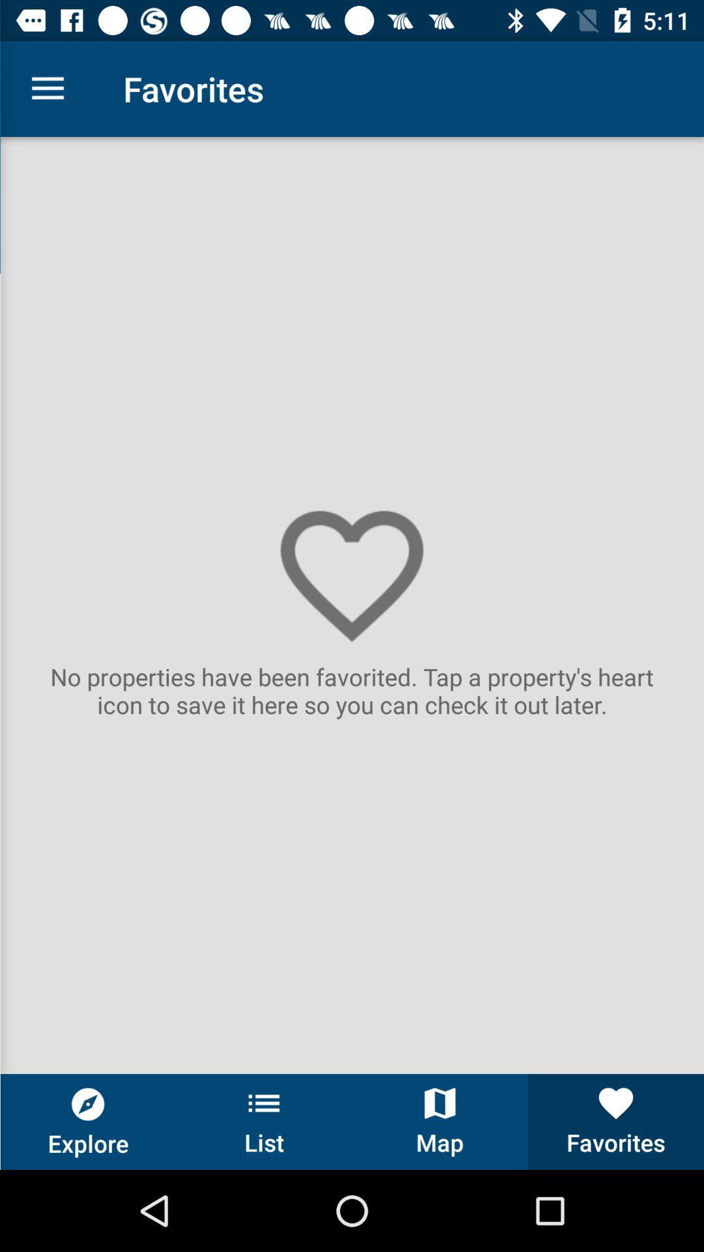 This screenshot has width=704, height=1252. What do you see at coordinates (88, 1121) in the screenshot?
I see `explore item` at bounding box center [88, 1121].